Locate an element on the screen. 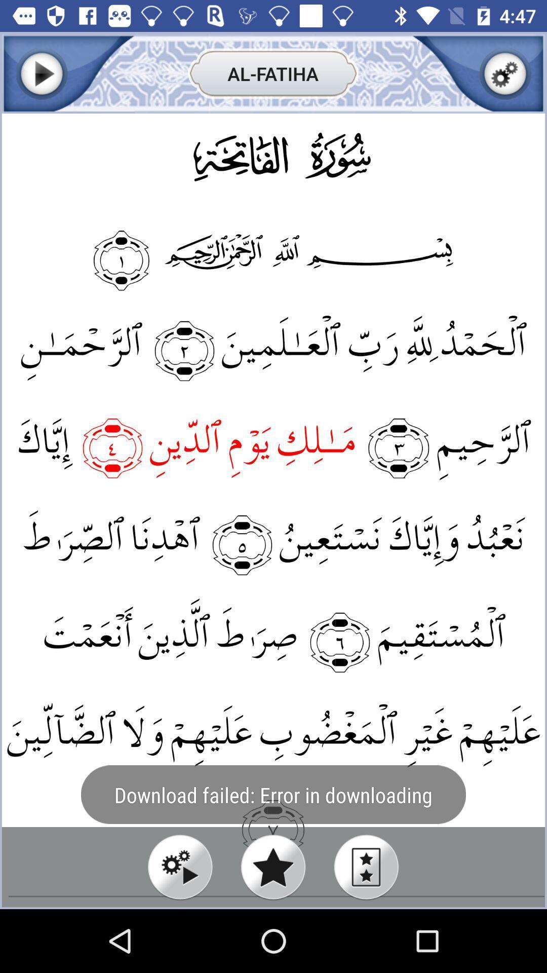 This screenshot has height=973, width=547. play is located at coordinates (179, 867).